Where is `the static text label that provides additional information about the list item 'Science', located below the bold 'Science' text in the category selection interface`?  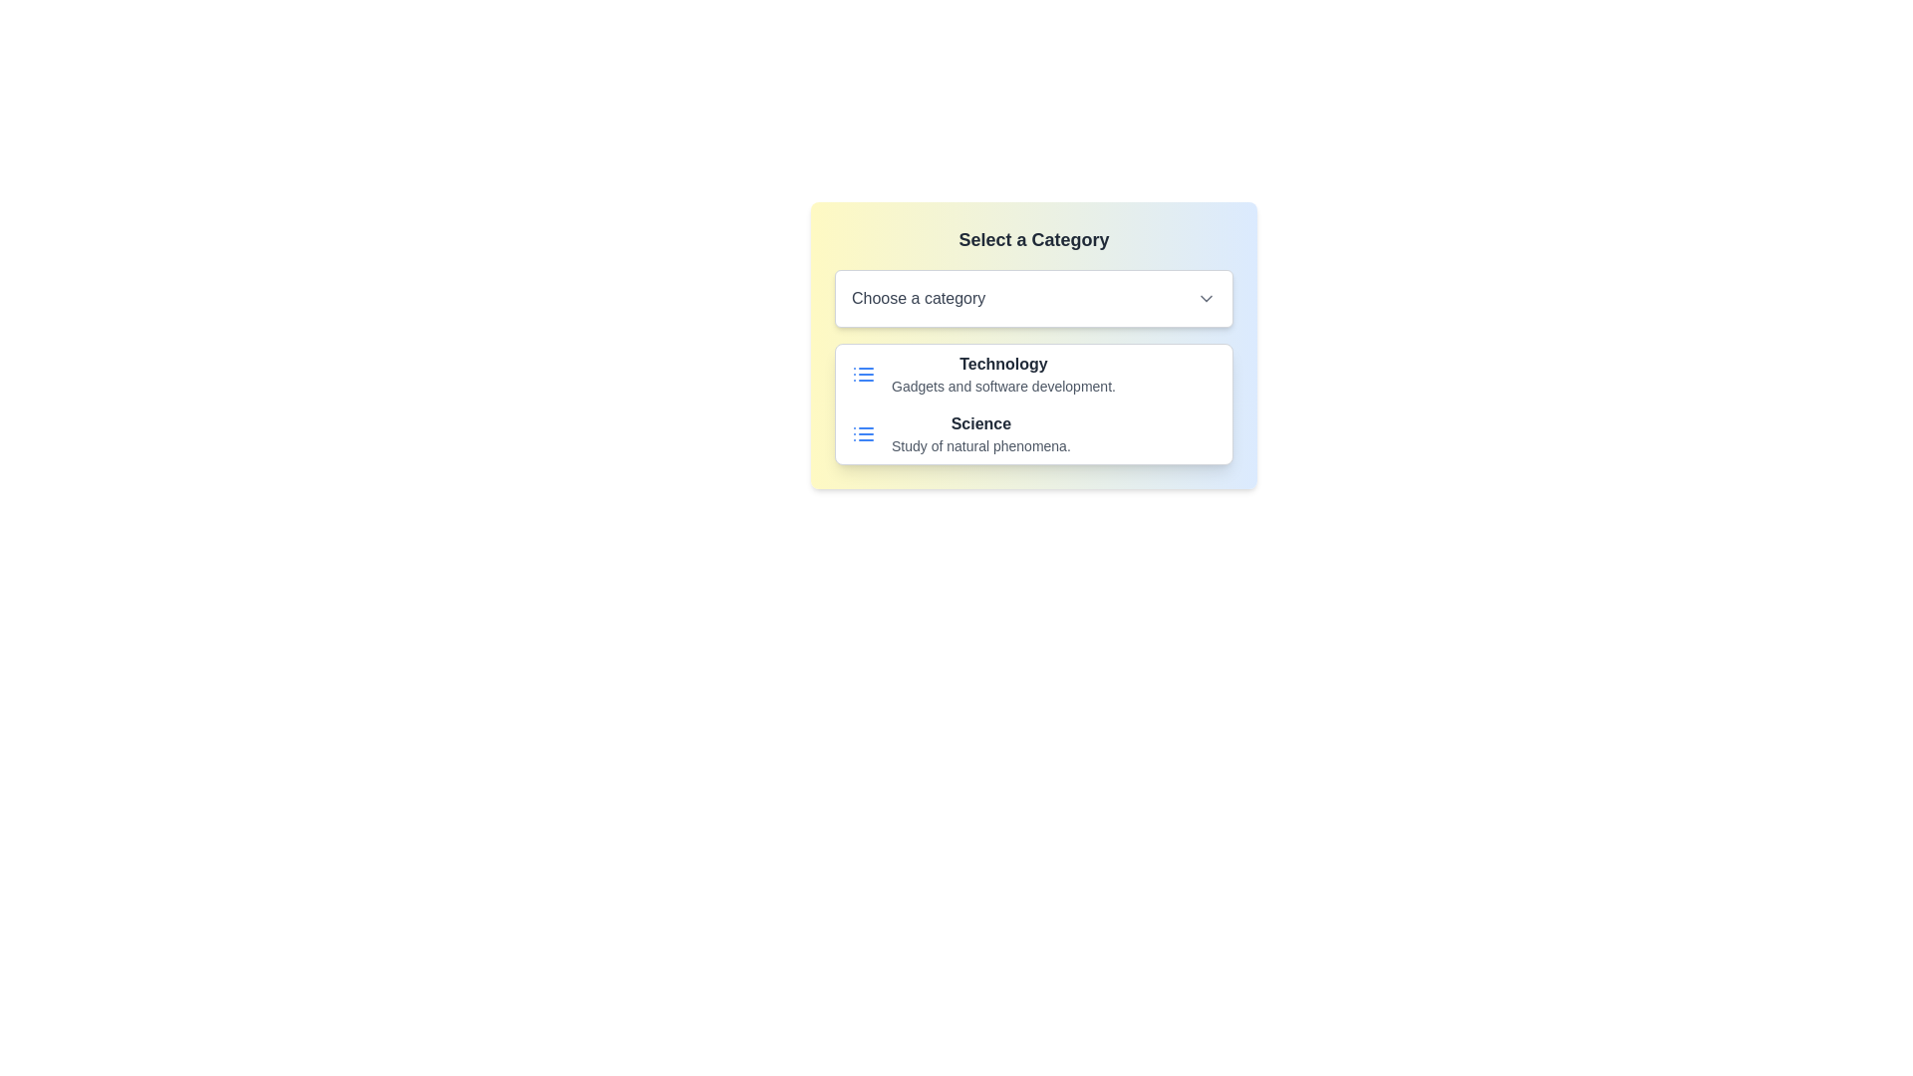 the static text label that provides additional information about the list item 'Science', located below the bold 'Science' text in the category selection interface is located at coordinates (980, 444).